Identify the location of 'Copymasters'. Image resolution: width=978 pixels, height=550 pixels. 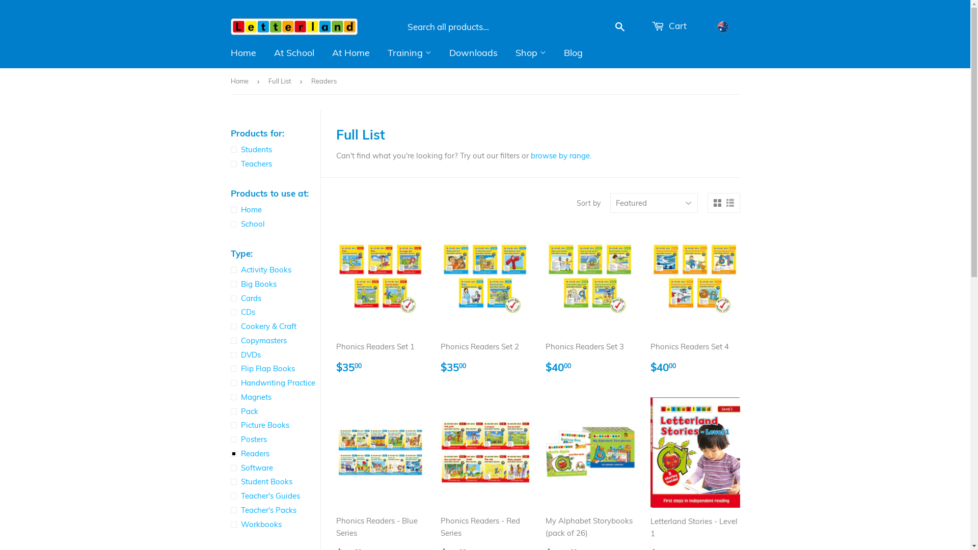
(275, 340).